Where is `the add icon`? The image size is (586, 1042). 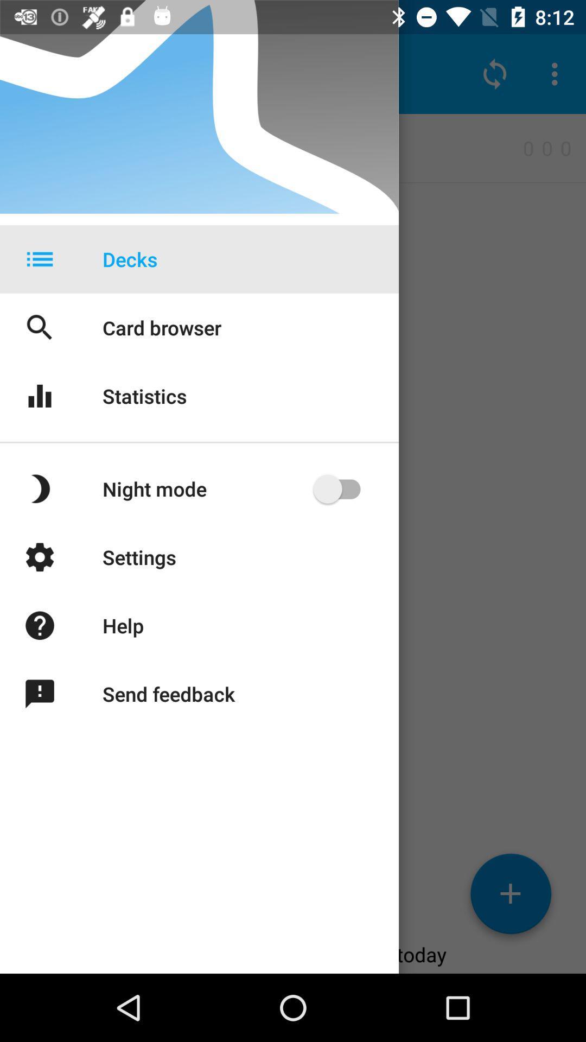
the add icon is located at coordinates (511, 898).